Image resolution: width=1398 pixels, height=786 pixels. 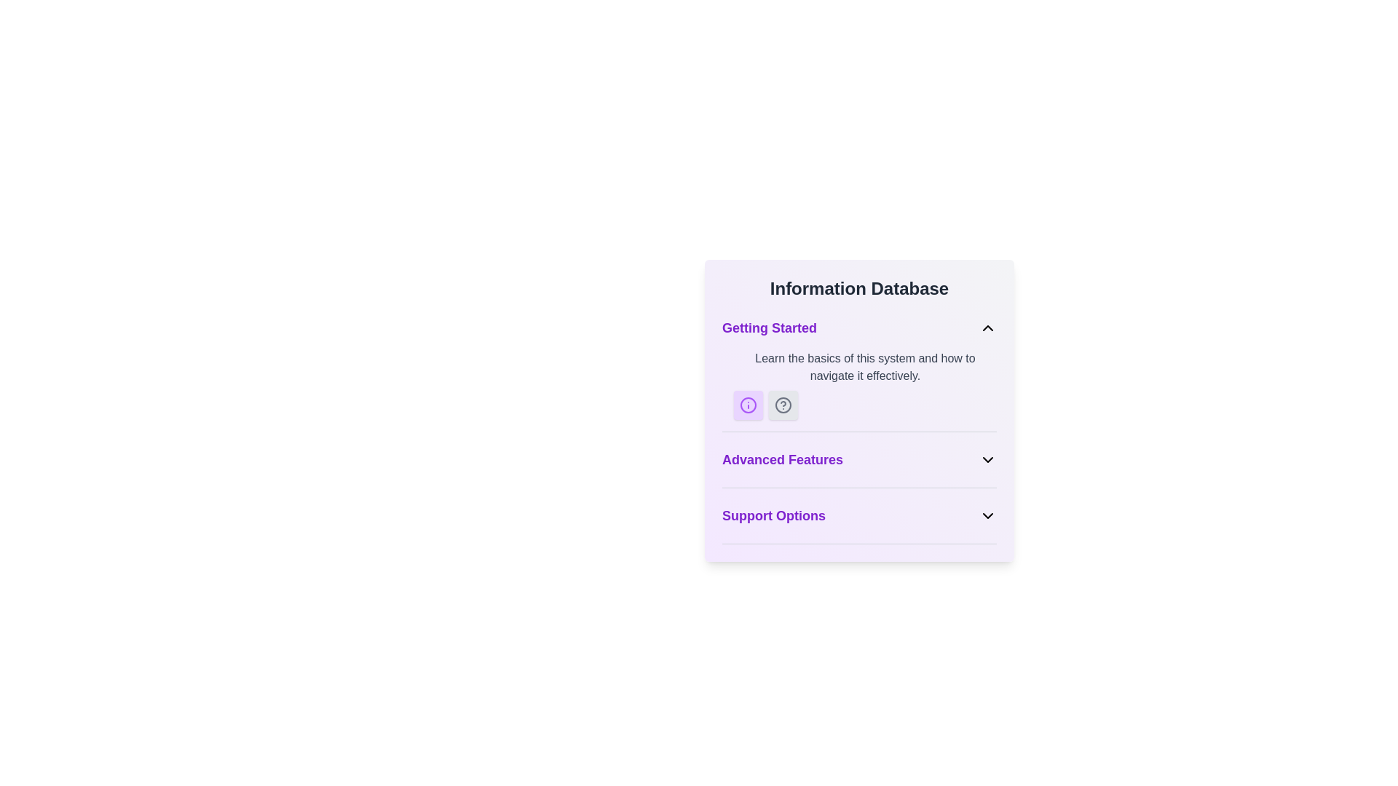 I want to click on the text label saying 'Getting Started' which is styled in purple and bold font, located at the top-left part of the section titled 'Information Database', so click(x=768, y=328).